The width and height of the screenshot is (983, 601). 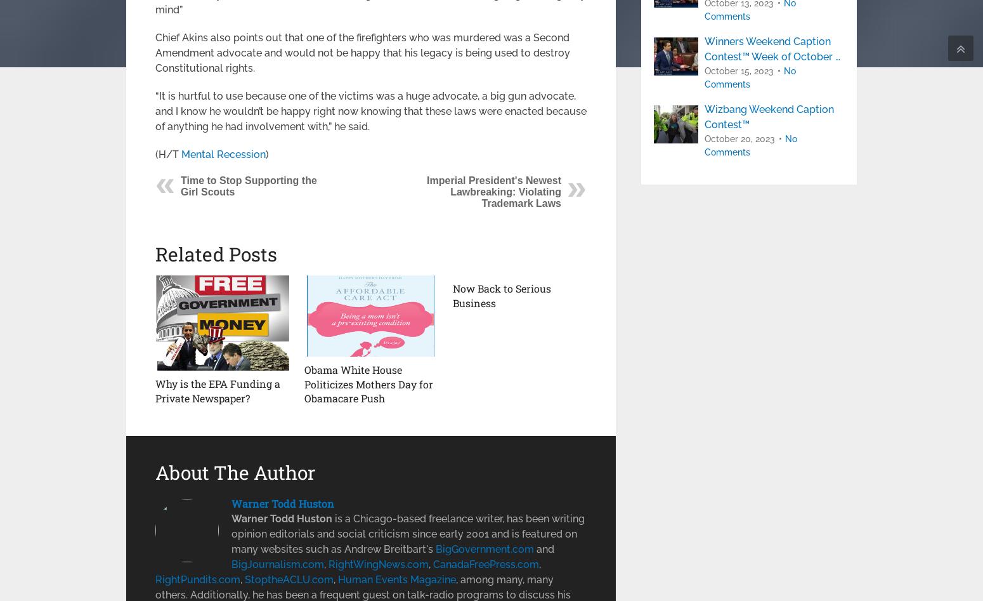 I want to click on 'Winners Weekend Caption Contest™ Week of October …', so click(x=704, y=49).